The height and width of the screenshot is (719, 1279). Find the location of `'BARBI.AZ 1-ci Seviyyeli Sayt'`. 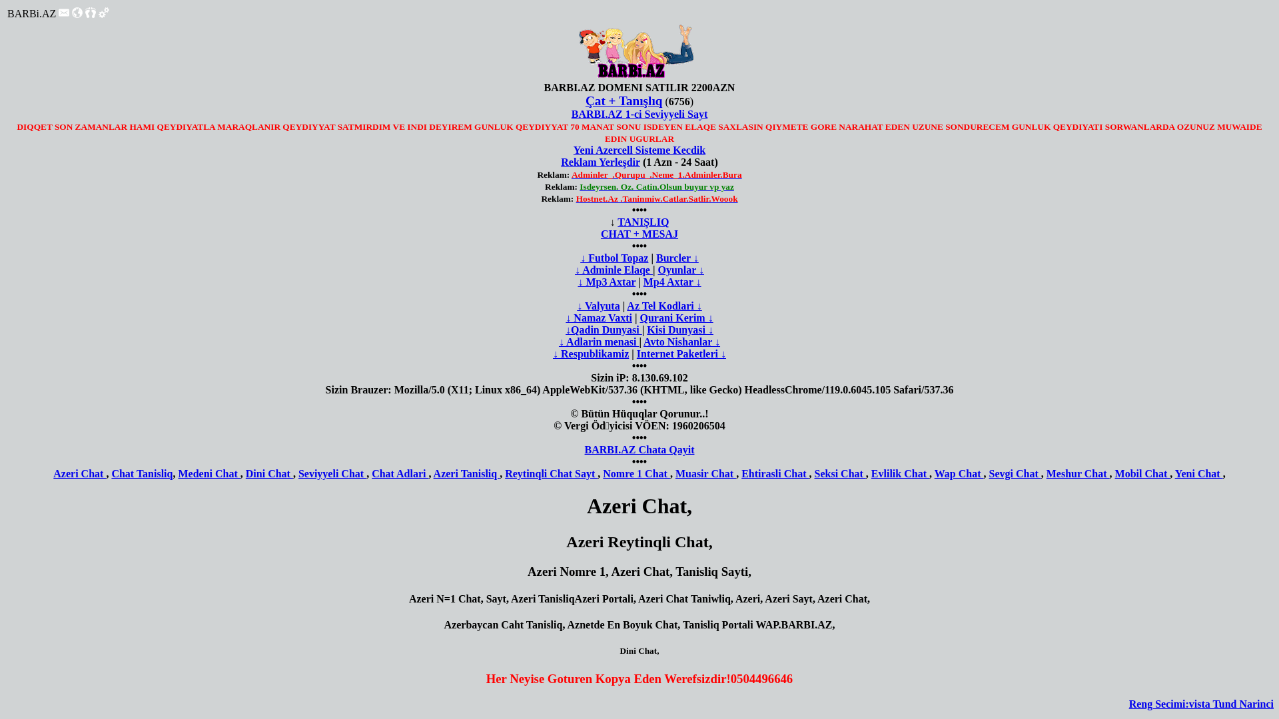

'BARBI.AZ 1-ci Seviyyeli Sayt' is located at coordinates (639, 113).